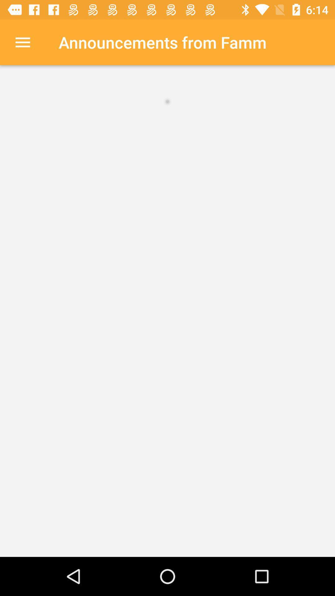 This screenshot has width=335, height=596. What do you see at coordinates (22, 42) in the screenshot?
I see `the icon next to the announcements from famm icon` at bounding box center [22, 42].